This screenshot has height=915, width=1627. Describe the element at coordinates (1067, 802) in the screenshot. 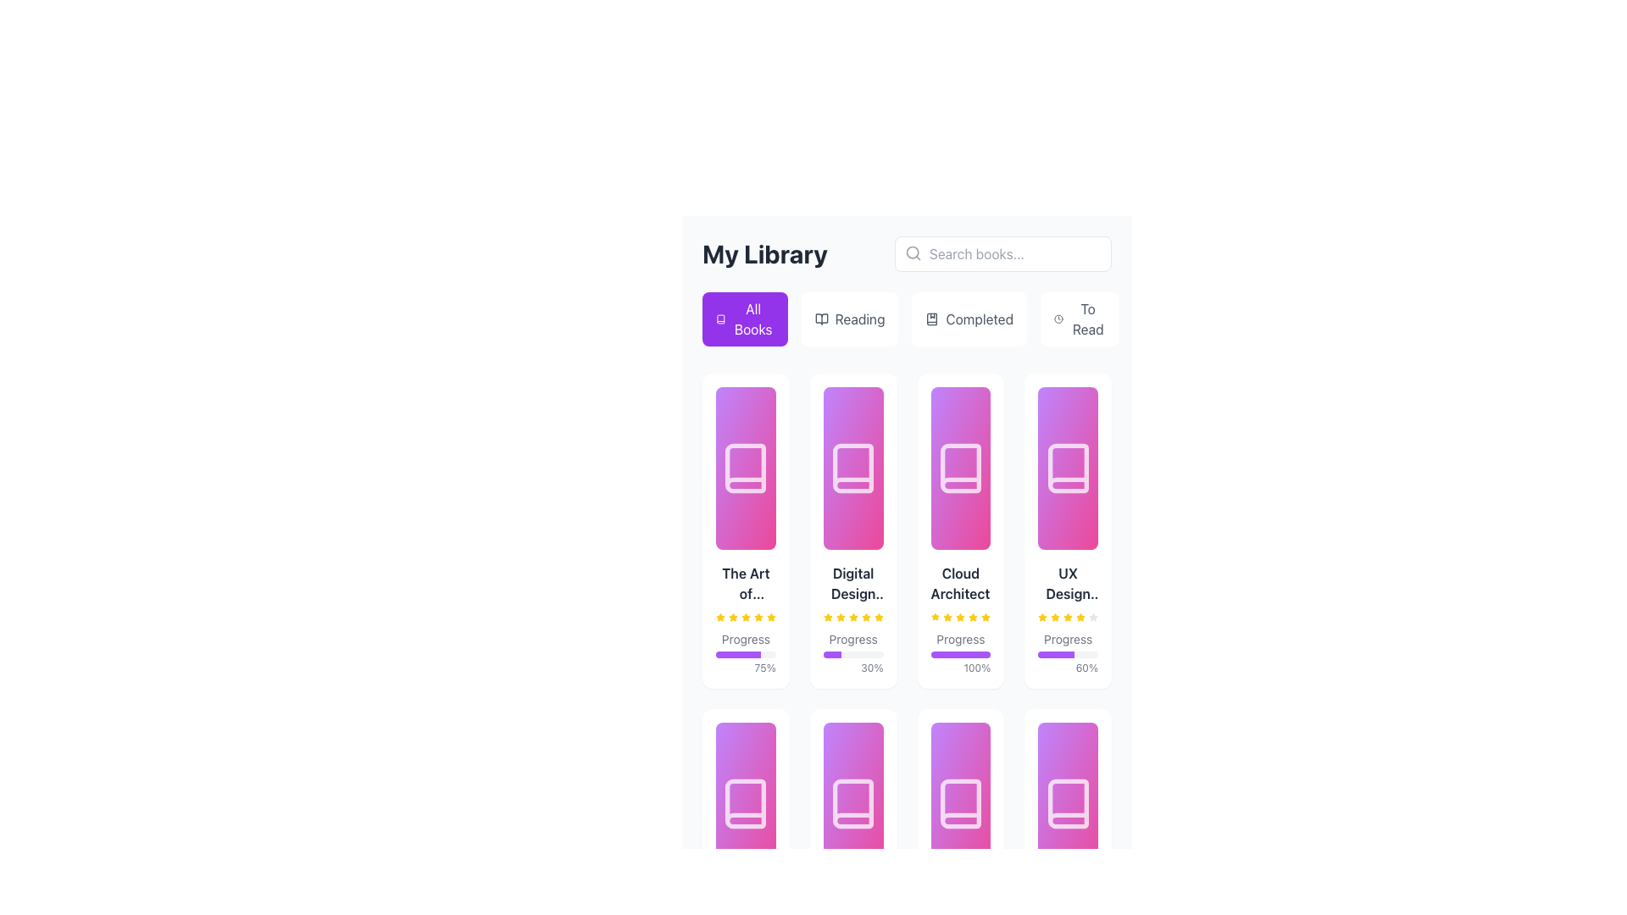

I see `the SVG icon representing a book, which is styled with a gradient pink-to-purple background and white strokes, located in the last tile of the second row in the 'My Library' interface` at that location.